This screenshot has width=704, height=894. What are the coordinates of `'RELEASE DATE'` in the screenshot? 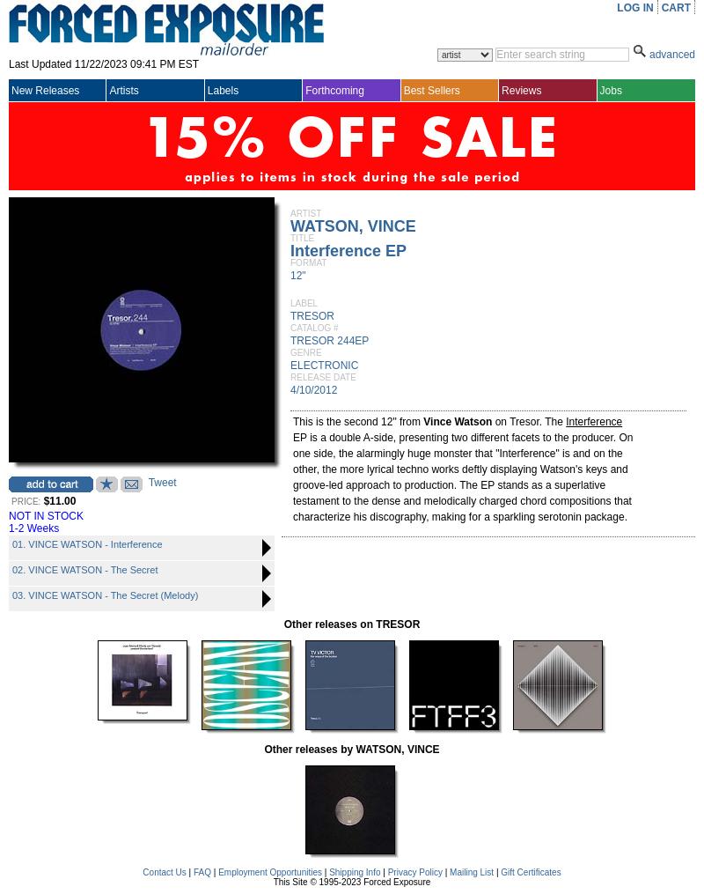 It's located at (322, 377).